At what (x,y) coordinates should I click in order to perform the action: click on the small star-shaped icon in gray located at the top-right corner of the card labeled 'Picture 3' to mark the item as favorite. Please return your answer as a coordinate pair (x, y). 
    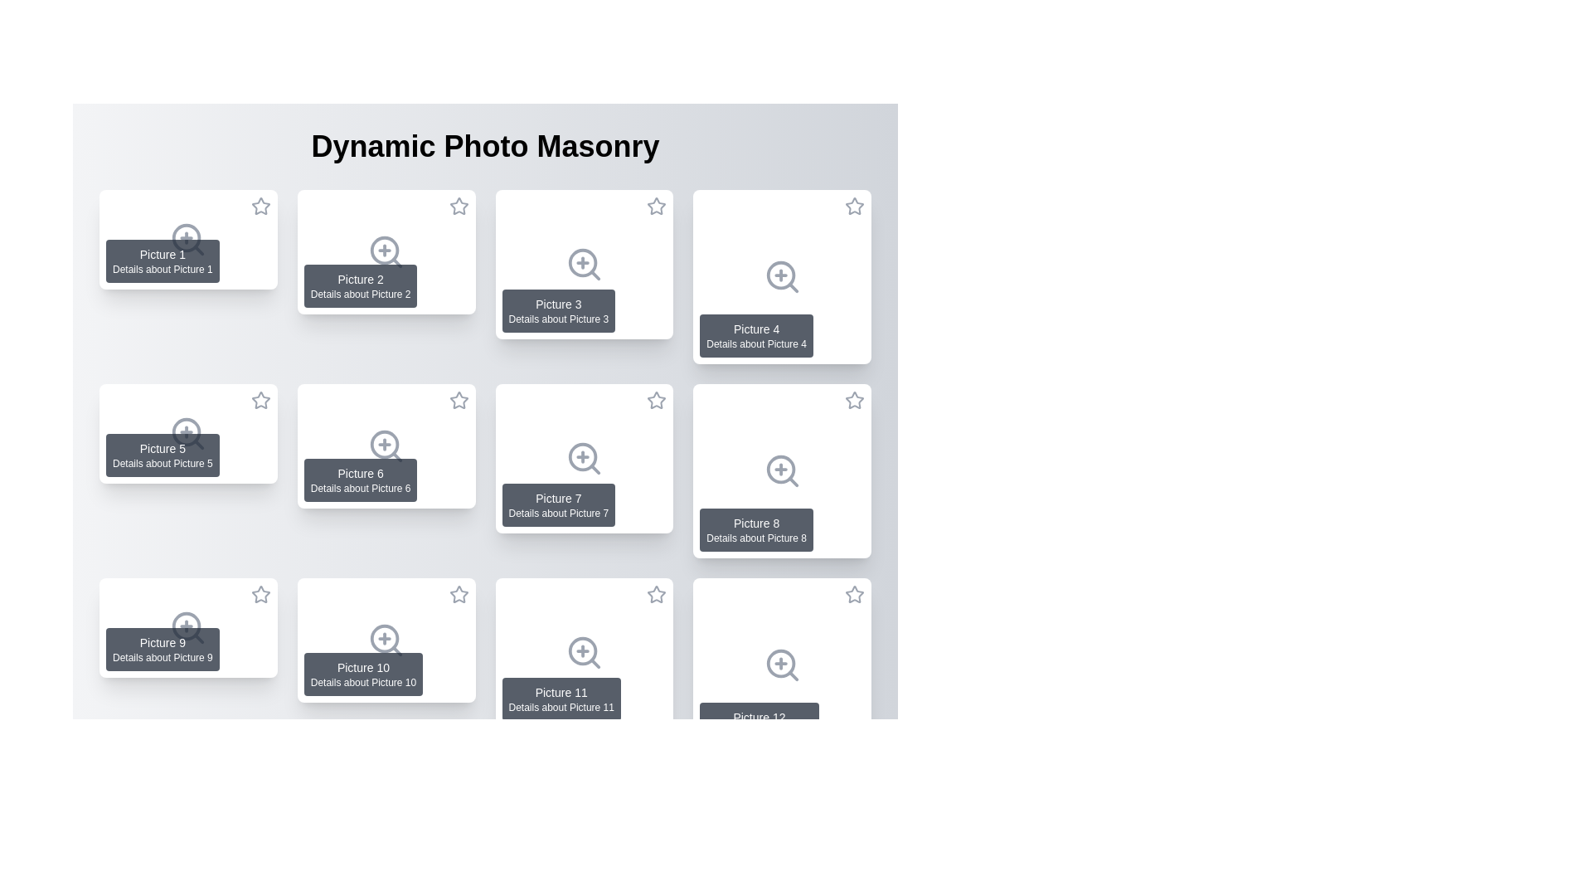
    Looking at the image, I should click on (656, 208).